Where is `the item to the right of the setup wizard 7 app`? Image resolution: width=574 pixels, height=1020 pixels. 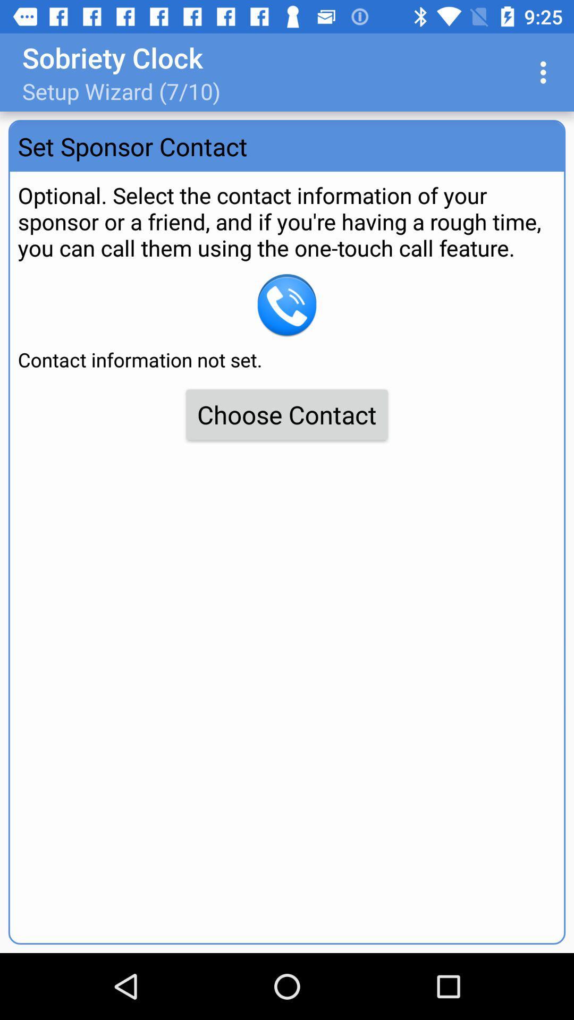
the item to the right of the setup wizard 7 app is located at coordinates (546, 72).